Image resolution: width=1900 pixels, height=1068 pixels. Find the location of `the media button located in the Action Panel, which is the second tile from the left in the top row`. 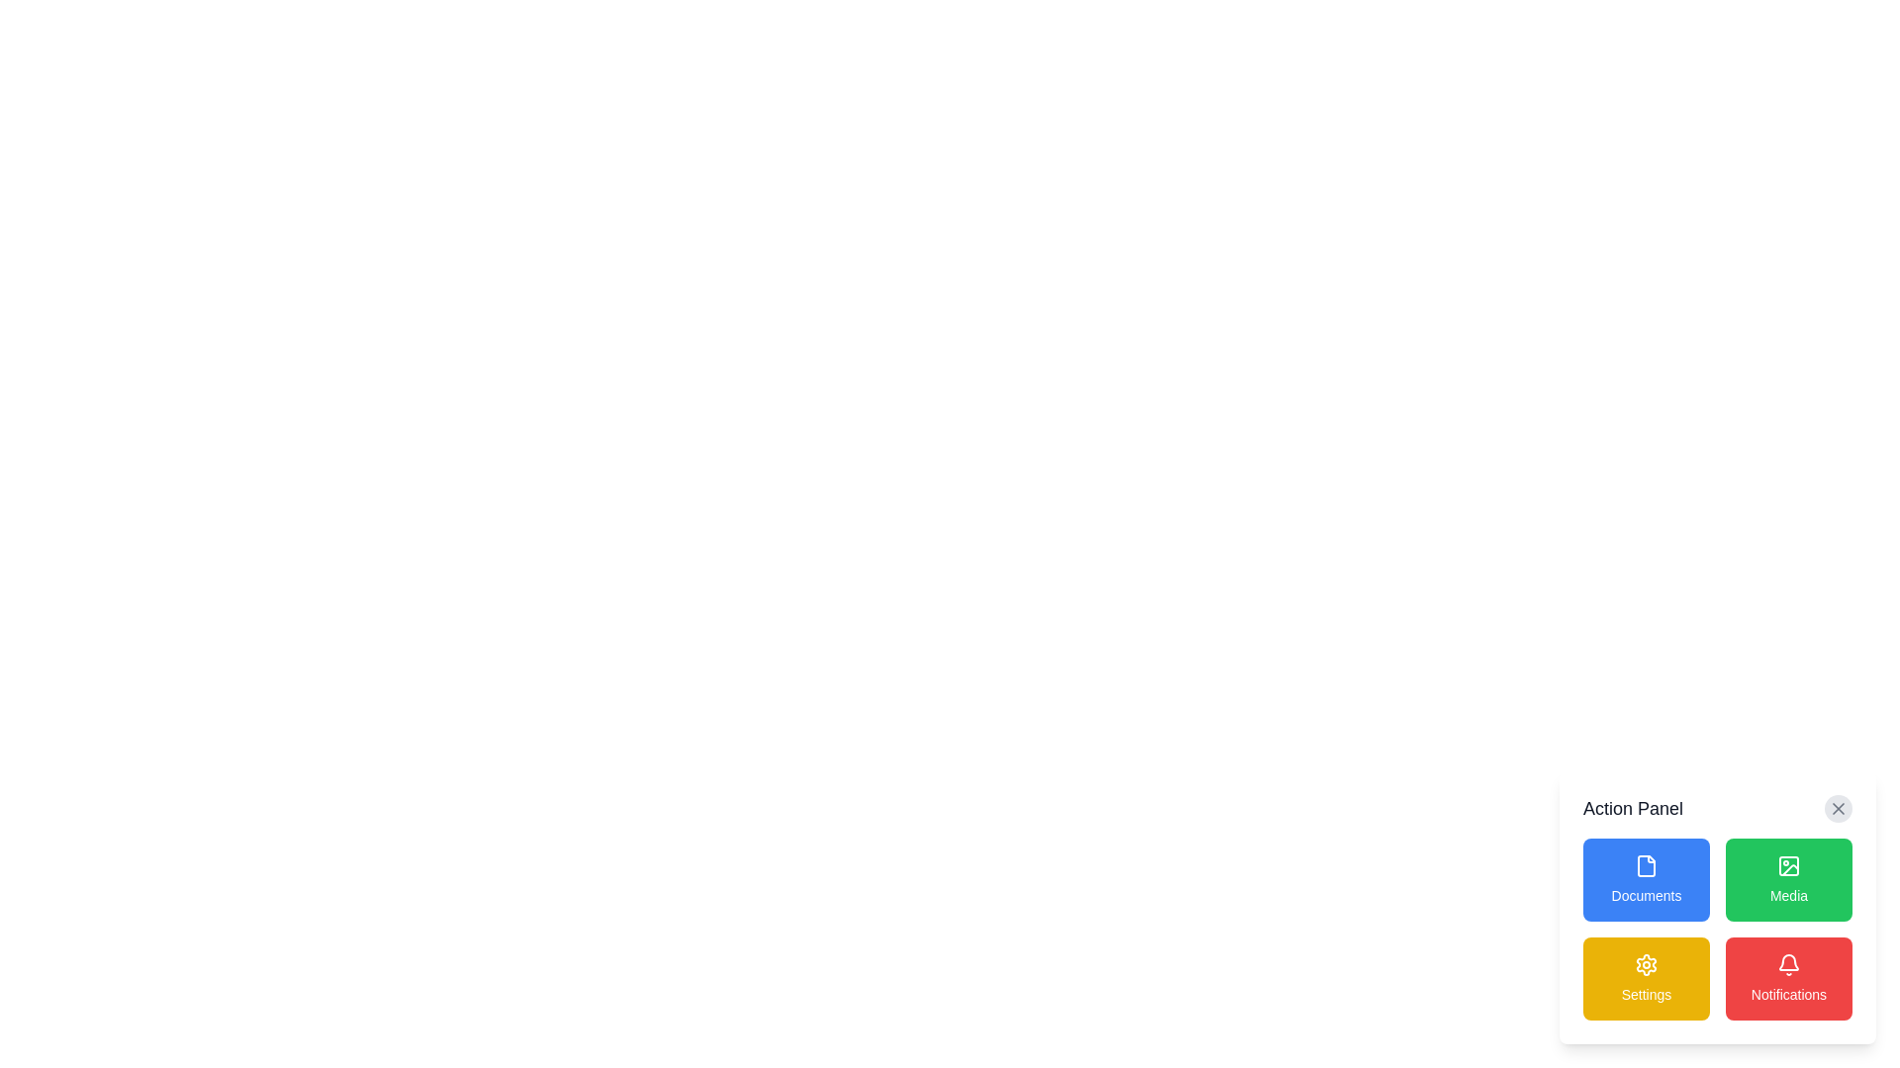

the media button located in the Action Panel, which is the second tile from the left in the top row is located at coordinates (1789, 879).